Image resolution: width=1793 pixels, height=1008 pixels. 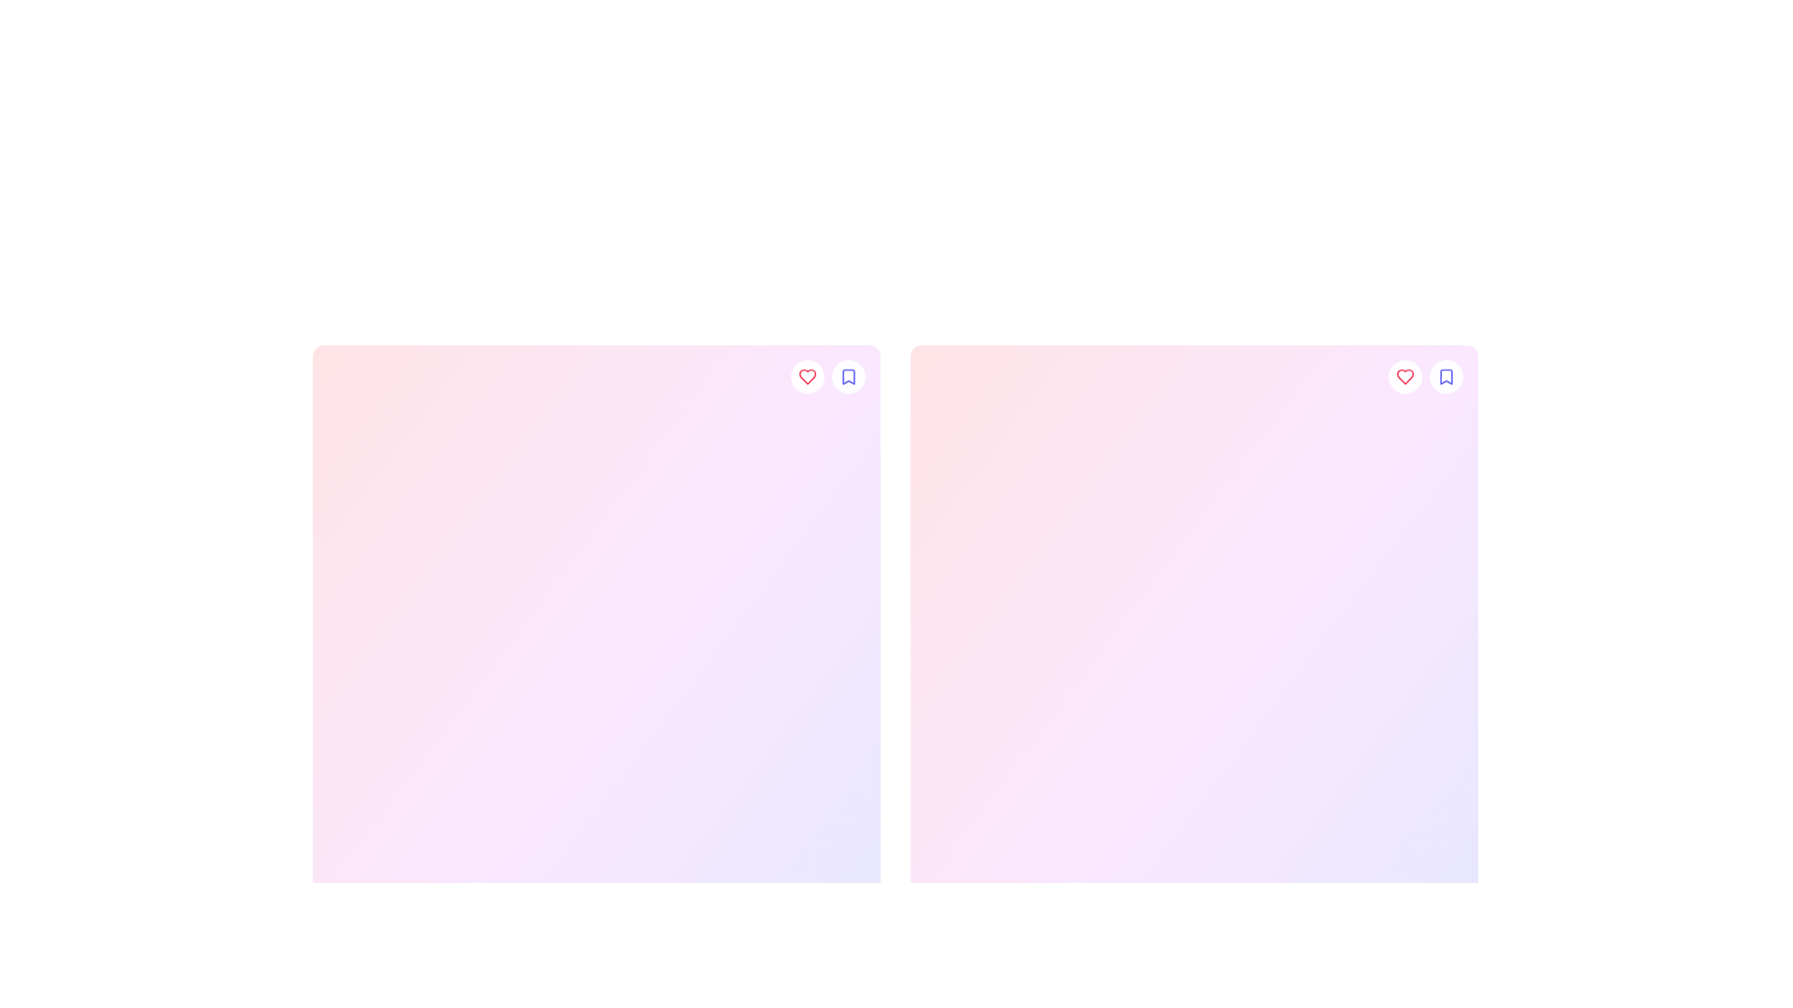 I want to click on the interactive button representing 'like' or 'favorite' functionality located at the top right corner of the interface, to observe the interactive effects, so click(x=1405, y=377).